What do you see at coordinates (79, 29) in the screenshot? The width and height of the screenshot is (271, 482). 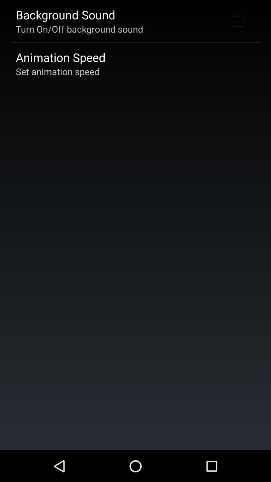 I see `the turn on off app` at bounding box center [79, 29].